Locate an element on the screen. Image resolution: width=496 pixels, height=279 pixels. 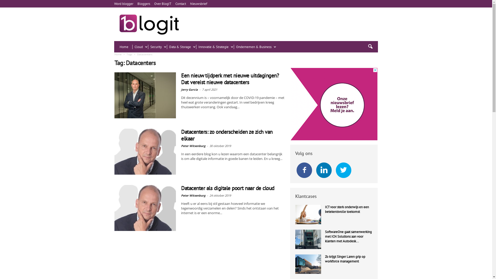
'Word blogger' is located at coordinates (114, 4).